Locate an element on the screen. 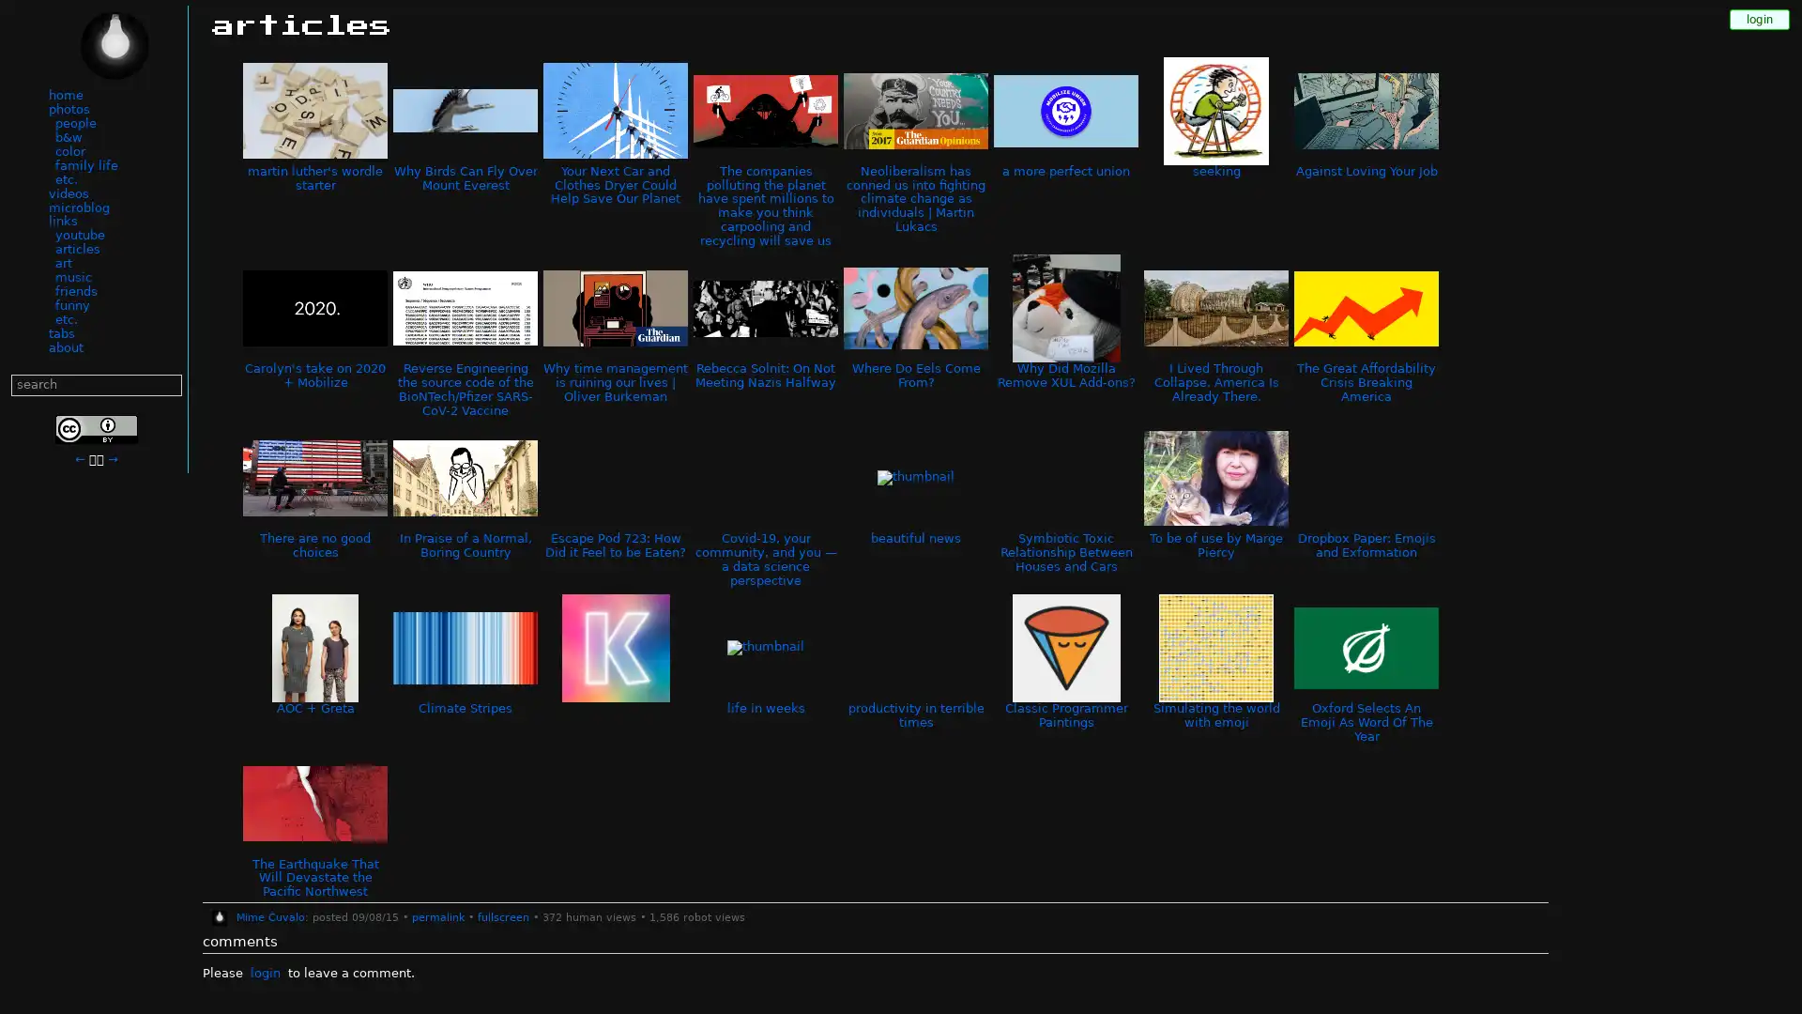 Image resolution: width=1802 pixels, height=1014 pixels. login is located at coordinates (1759, 19).